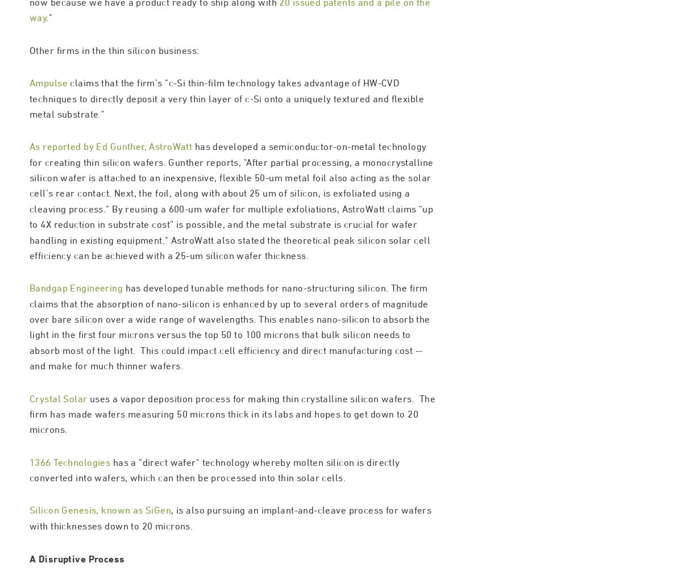 The height and width of the screenshot is (588, 682). I want to click on 'AstroWatt', so click(170, 194).